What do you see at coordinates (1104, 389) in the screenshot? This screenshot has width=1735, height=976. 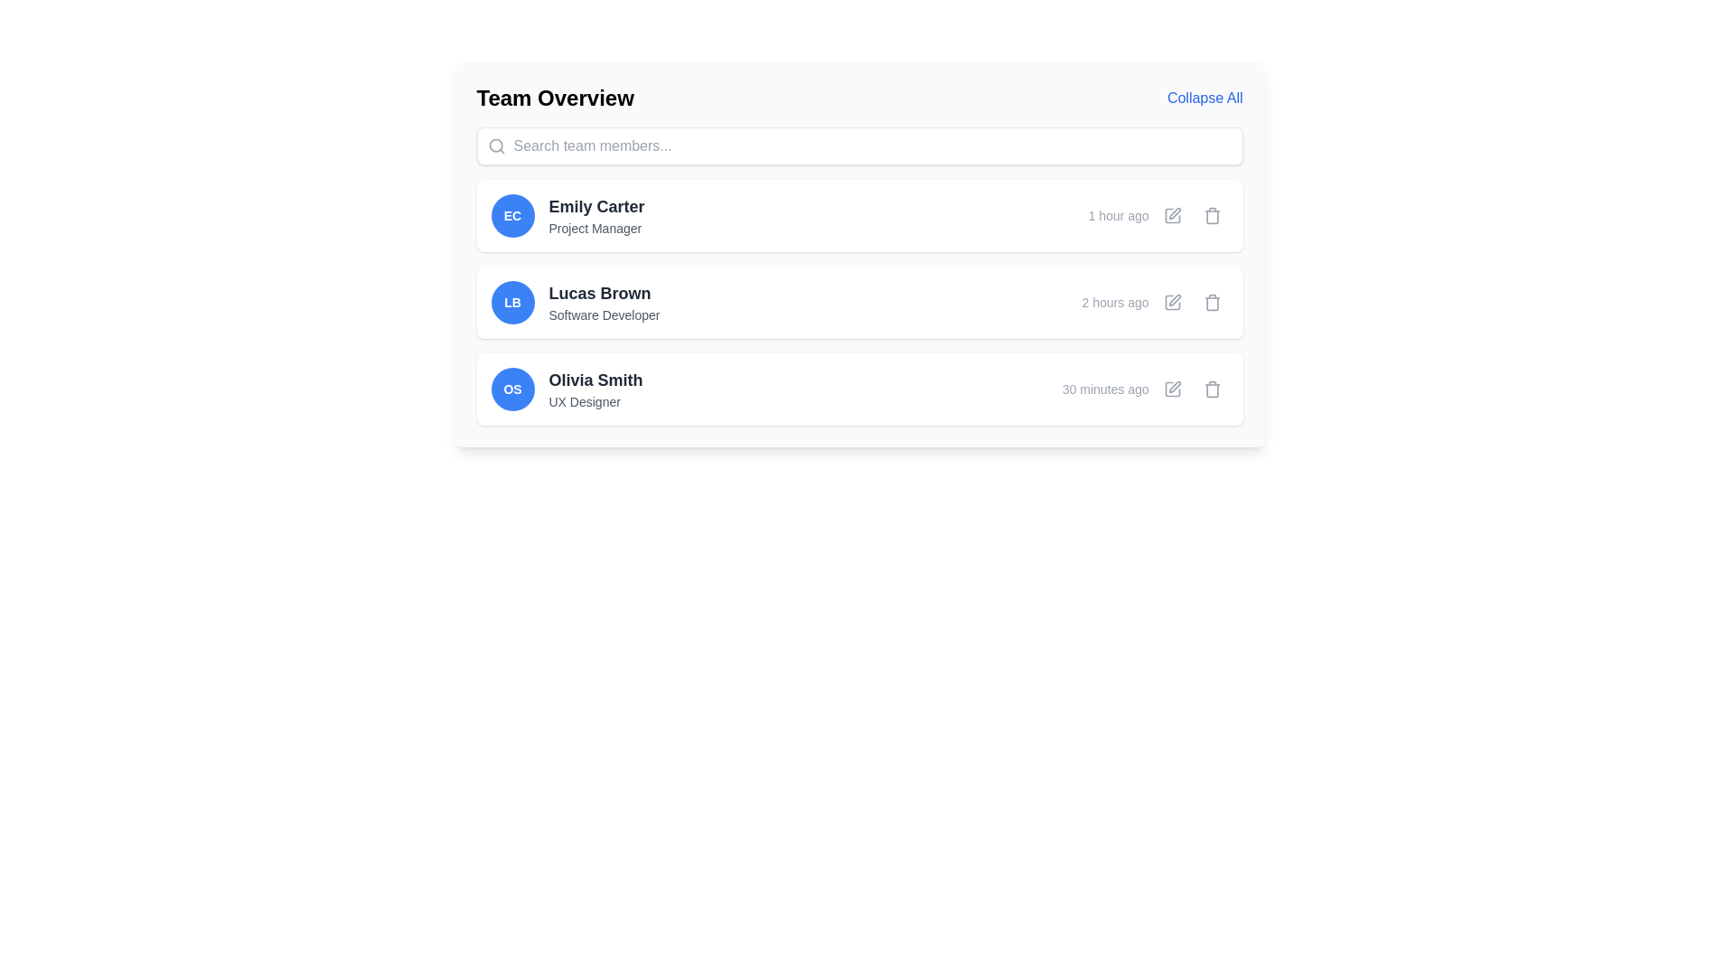 I see `the text label displaying '30 minutes ago', which is styled in gray and positioned to the right of 'Olivia Smith' and their role 'UX Designer' within a vertical list of user profiles` at bounding box center [1104, 389].